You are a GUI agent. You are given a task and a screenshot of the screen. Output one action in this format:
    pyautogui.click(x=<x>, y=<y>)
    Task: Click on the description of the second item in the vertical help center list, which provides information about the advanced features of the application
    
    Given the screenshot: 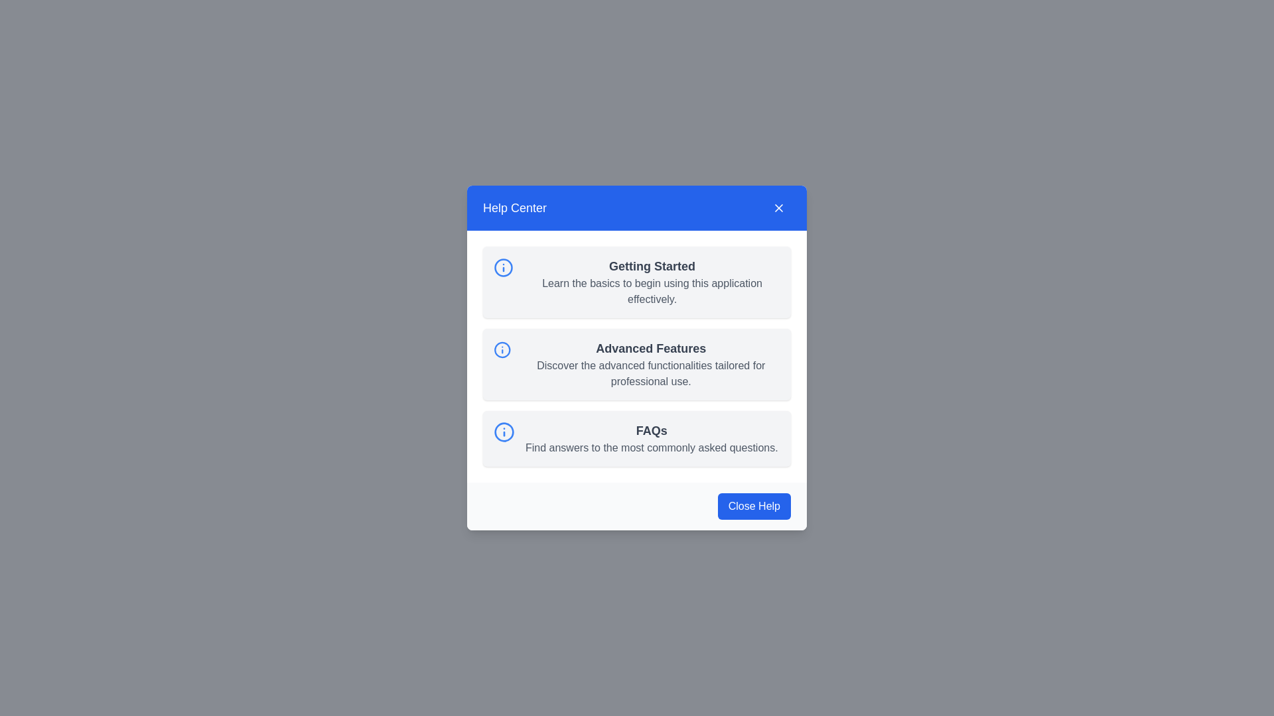 What is the action you would take?
    pyautogui.click(x=637, y=365)
    